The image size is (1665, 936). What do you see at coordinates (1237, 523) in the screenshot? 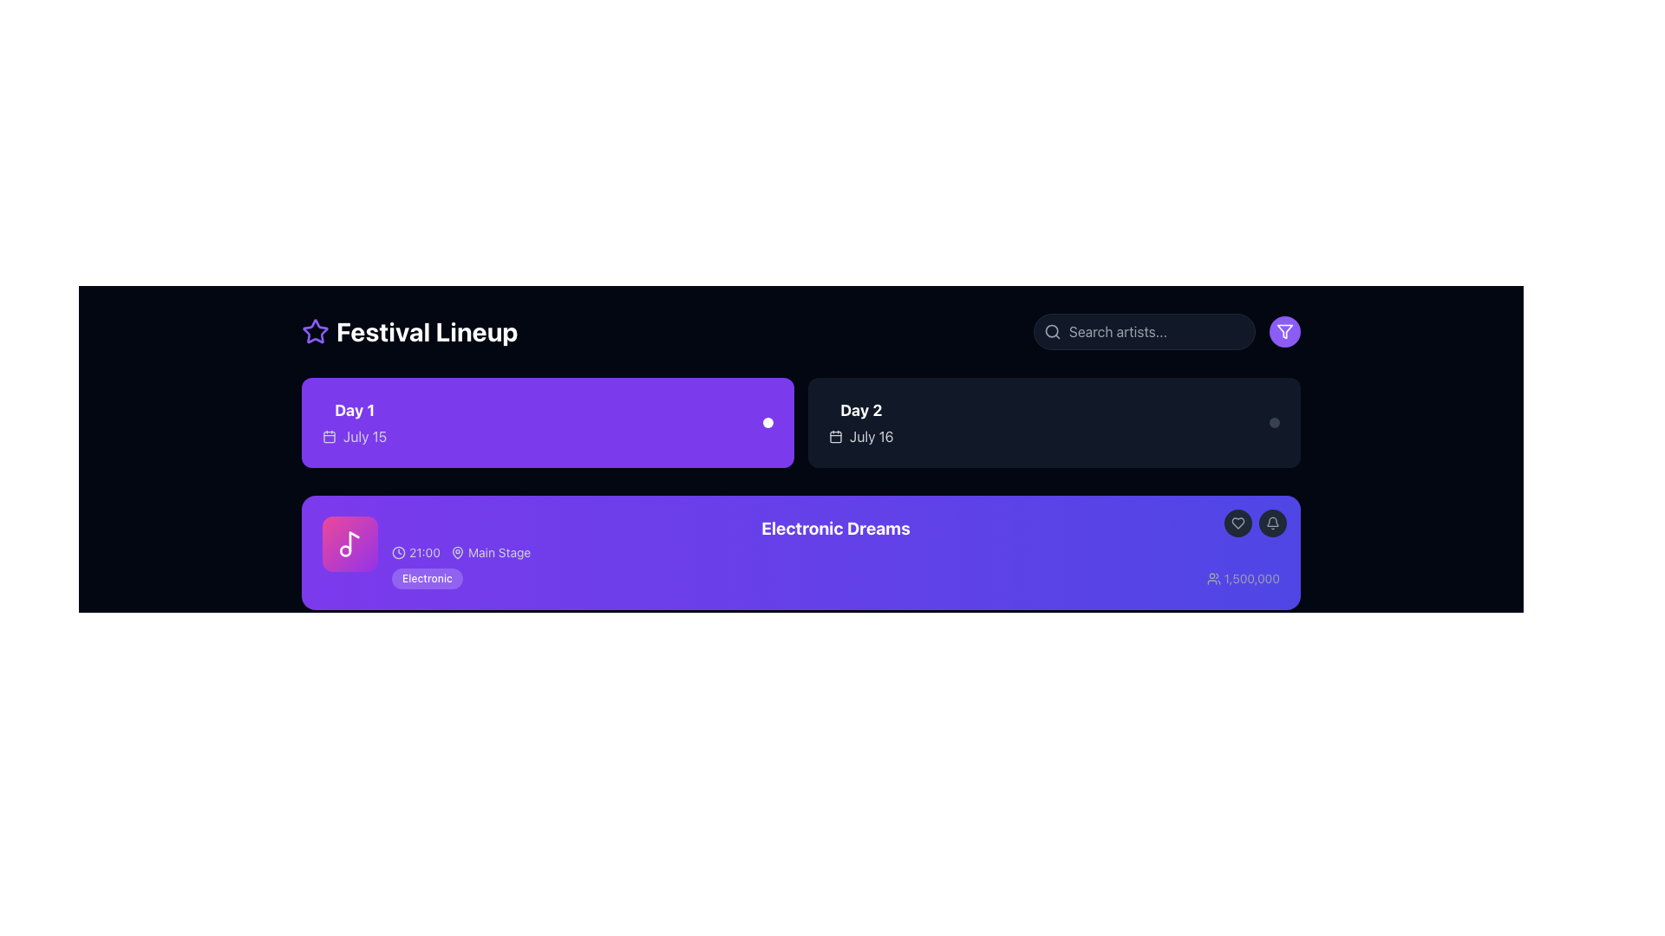
I see `the heart icon located in the top right region of the interface to mark an item as favorite` at bounding box center [1237, 523].